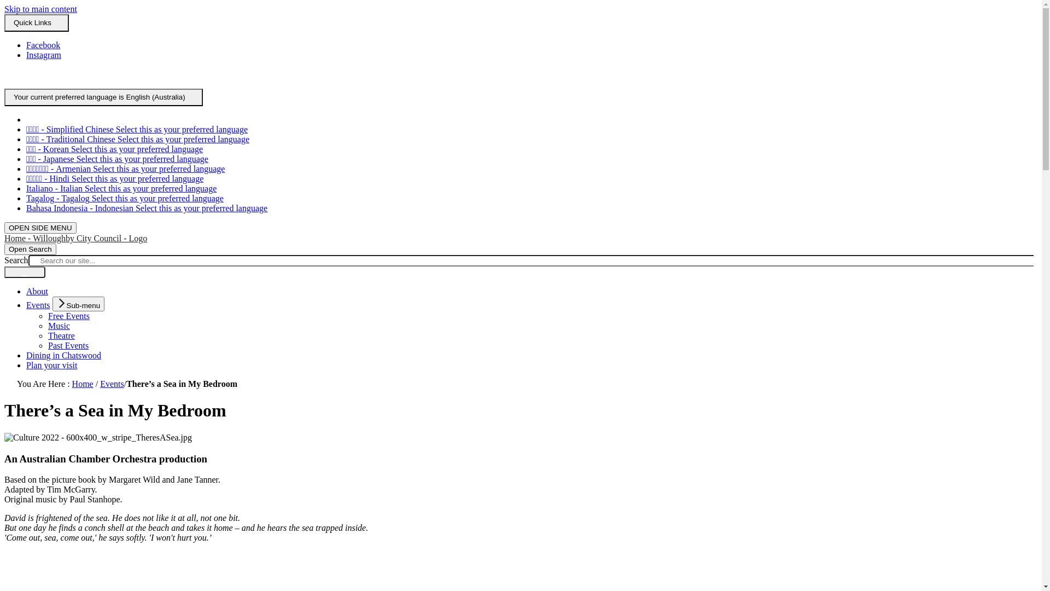 This screenshot has height=591, width=1050. I want to click on 'Home', so click(82, 383).